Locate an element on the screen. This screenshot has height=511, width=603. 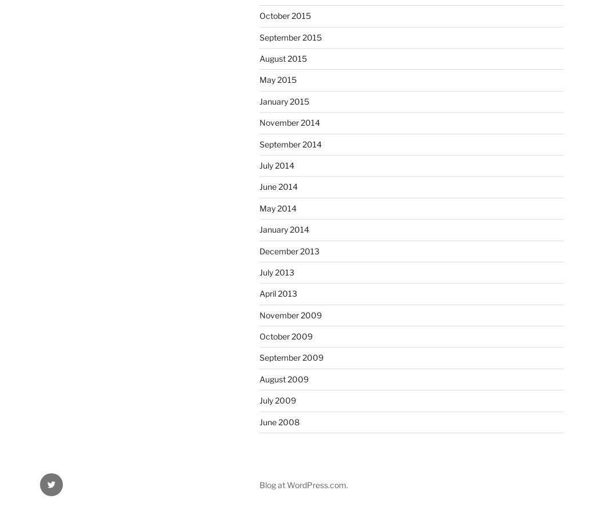
'August 2009' is located at coordinates (284, 378).